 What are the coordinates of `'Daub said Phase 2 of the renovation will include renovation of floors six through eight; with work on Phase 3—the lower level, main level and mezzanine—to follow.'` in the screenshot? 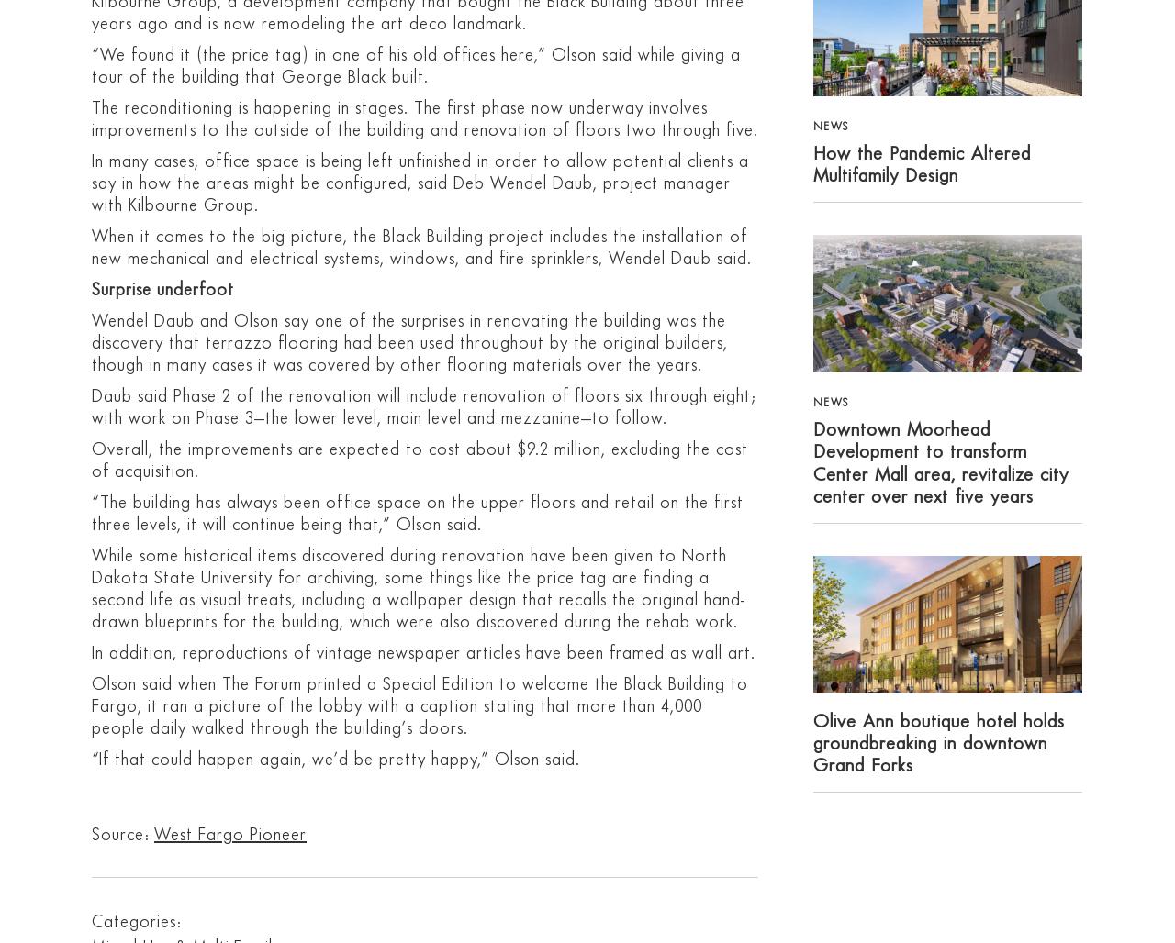 It's located at (422, 406).